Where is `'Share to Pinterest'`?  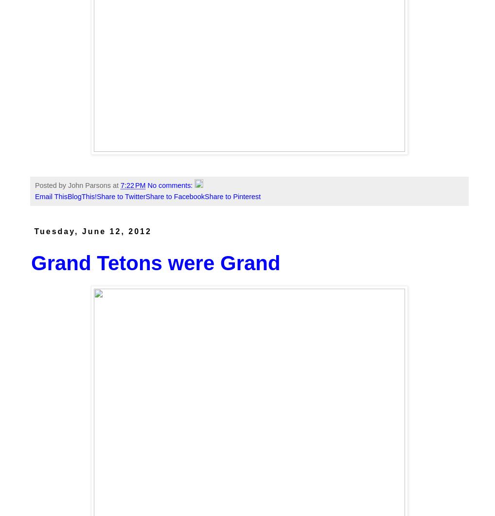
'Share to Pinterest' is located at coordinates (204, 196).